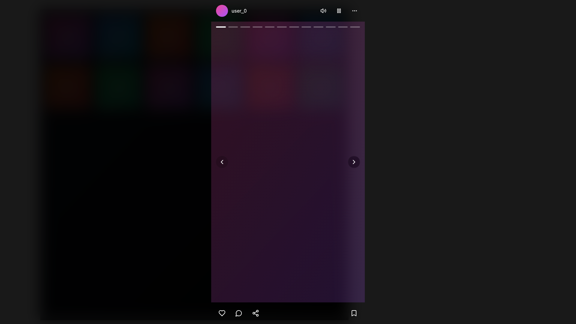 Image resolution: width=576 pixels, height=324 pixels. Describe the element at coordinates (281, 26) in the screenshot. I see `the sixth progress indicator segment, a small horizontal bar with rounded edges, styled in a semi-transparent white color, located at the top of the layout` at that location.